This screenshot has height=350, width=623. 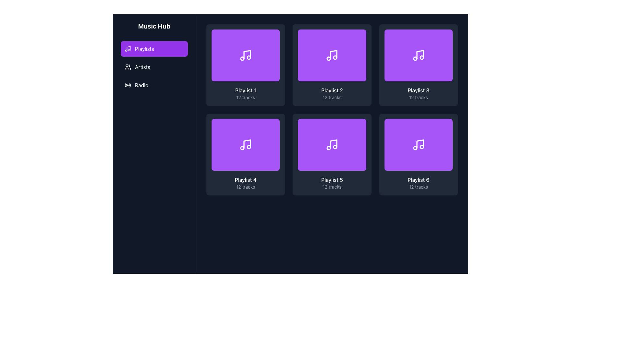 What do you see at coordinates (332, 90) in the screenshot?
I see `text content of the Text Label displaying 'Playlist 2' located in the second card of the first row in the playlist grid` at bounding box center [332, 90].